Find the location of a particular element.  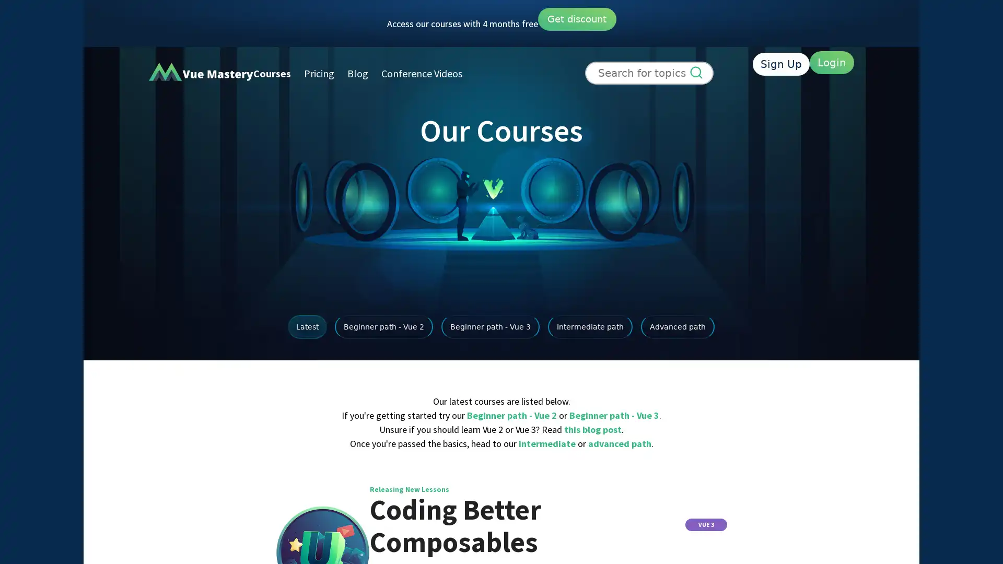

Search is located at coordinates (696, 73).